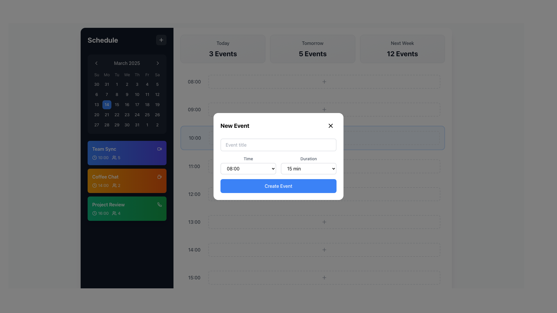 The image size is (557, 313). I want to click on the button representing the 18th day of the month in the calendar, so click(147, 105).